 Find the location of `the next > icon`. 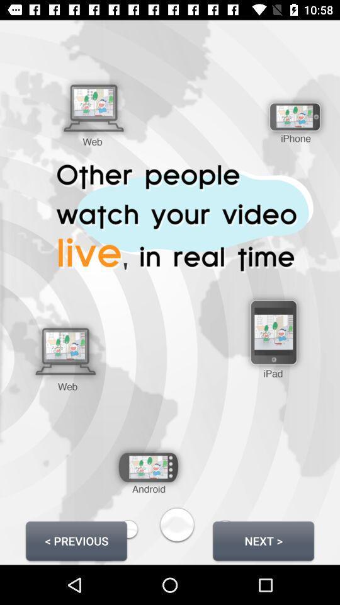

the next > icon is located at coordinates (263, 540).